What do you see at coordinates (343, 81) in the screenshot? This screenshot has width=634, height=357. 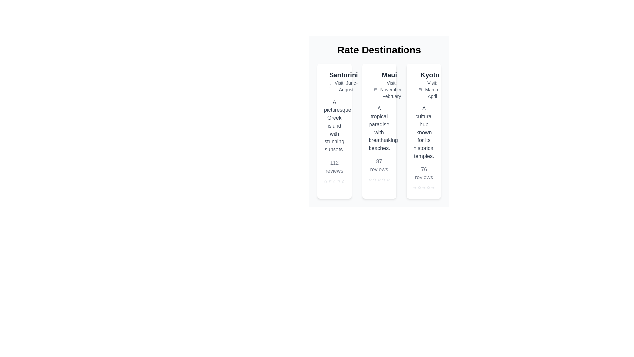 I see `text content of the Text block with an icon displaying the destination's name 'Santorini' and its recommended visiting period (June-August)` at bounding box center [343, 81].